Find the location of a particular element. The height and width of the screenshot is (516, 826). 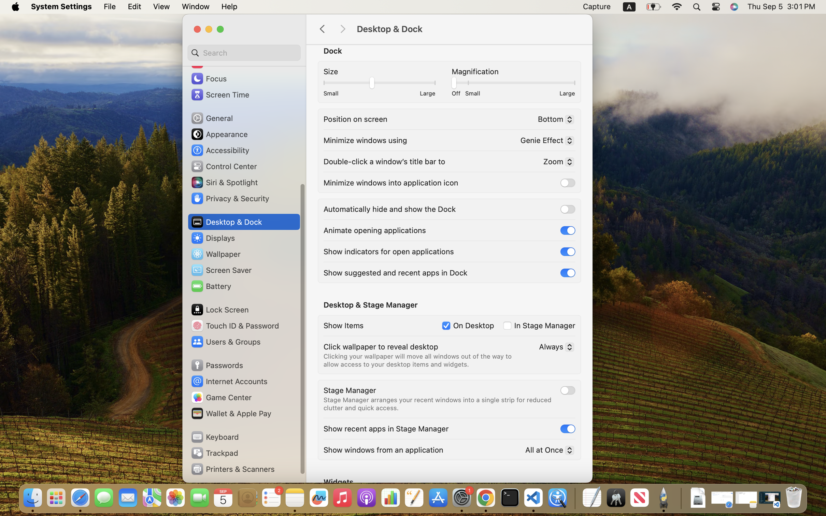

'Siri & Spotlight' is located at coordinates (224, 182).